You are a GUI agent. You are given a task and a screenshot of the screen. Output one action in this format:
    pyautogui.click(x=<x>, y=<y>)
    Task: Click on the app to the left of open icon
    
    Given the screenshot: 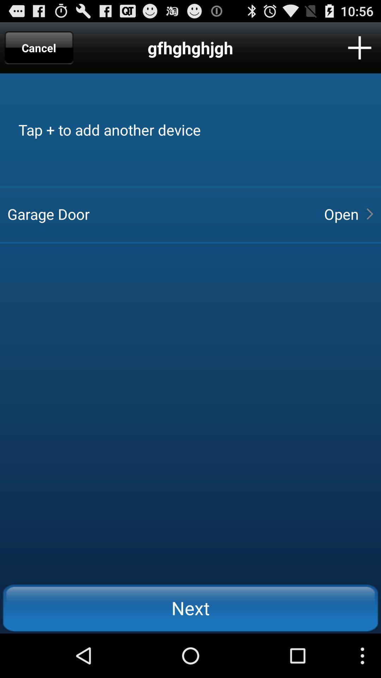 What is the action you would take?
    pyautogui.click(x=159, y=213)
    